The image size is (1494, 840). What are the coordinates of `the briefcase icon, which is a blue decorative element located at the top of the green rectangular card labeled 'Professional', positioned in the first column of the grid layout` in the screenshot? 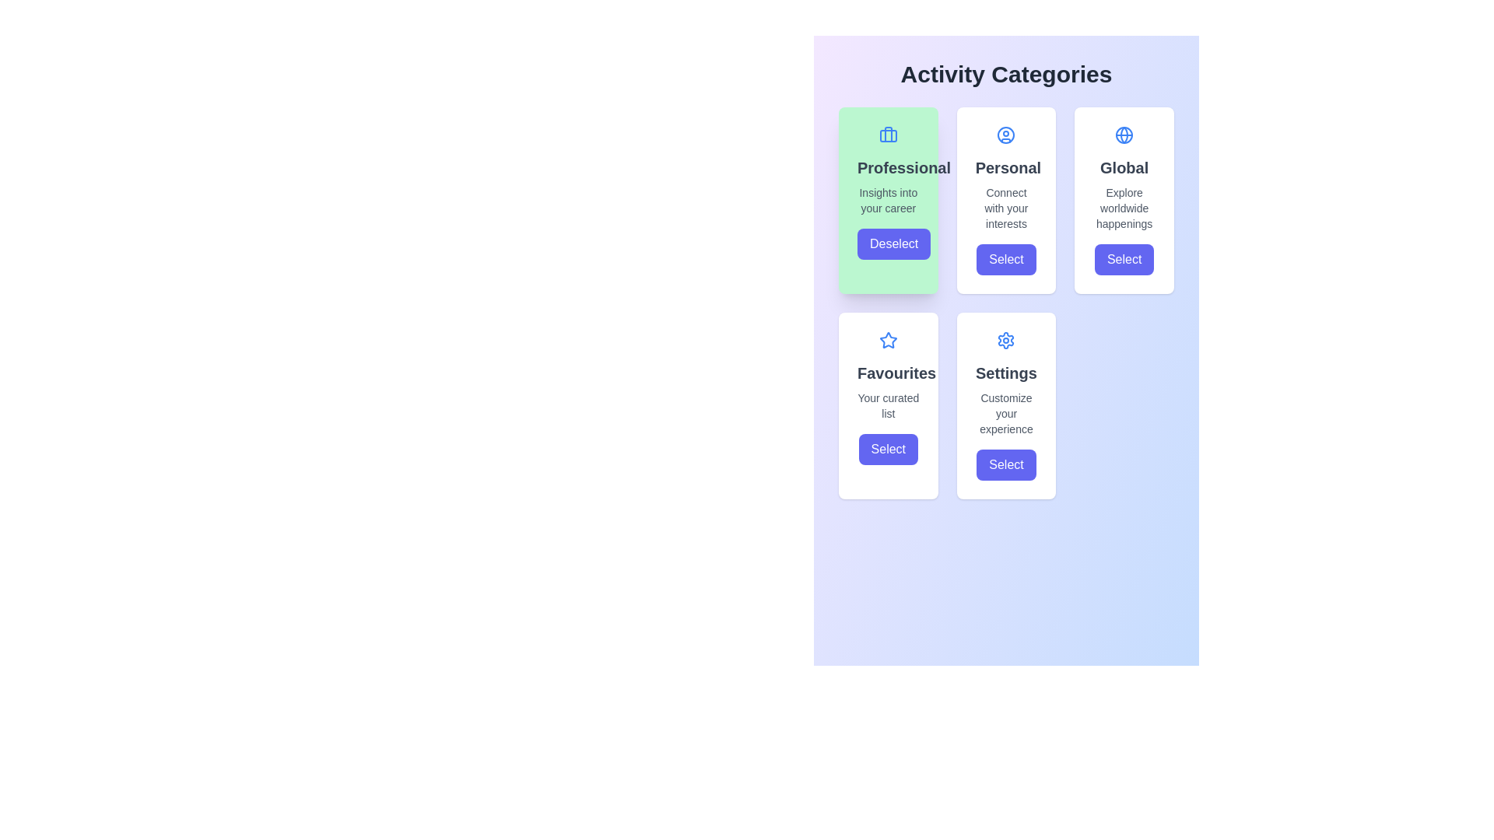 It's located at (888, 134).